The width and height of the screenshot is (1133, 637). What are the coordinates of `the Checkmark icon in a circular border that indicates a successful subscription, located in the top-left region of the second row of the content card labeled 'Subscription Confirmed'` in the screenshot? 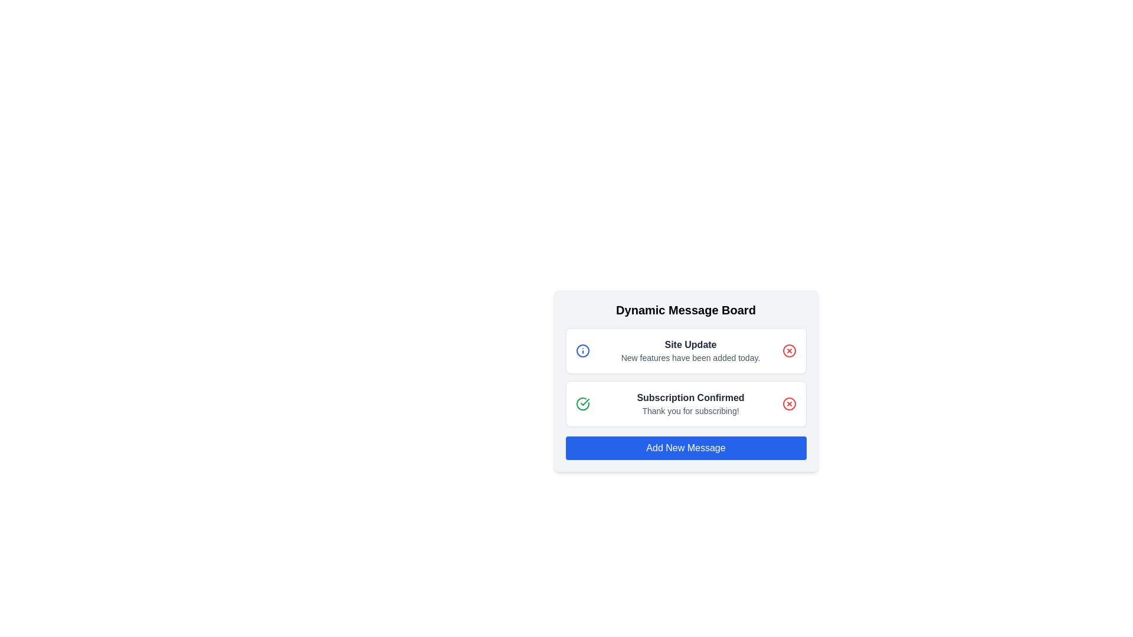 It's located at (582, 403).